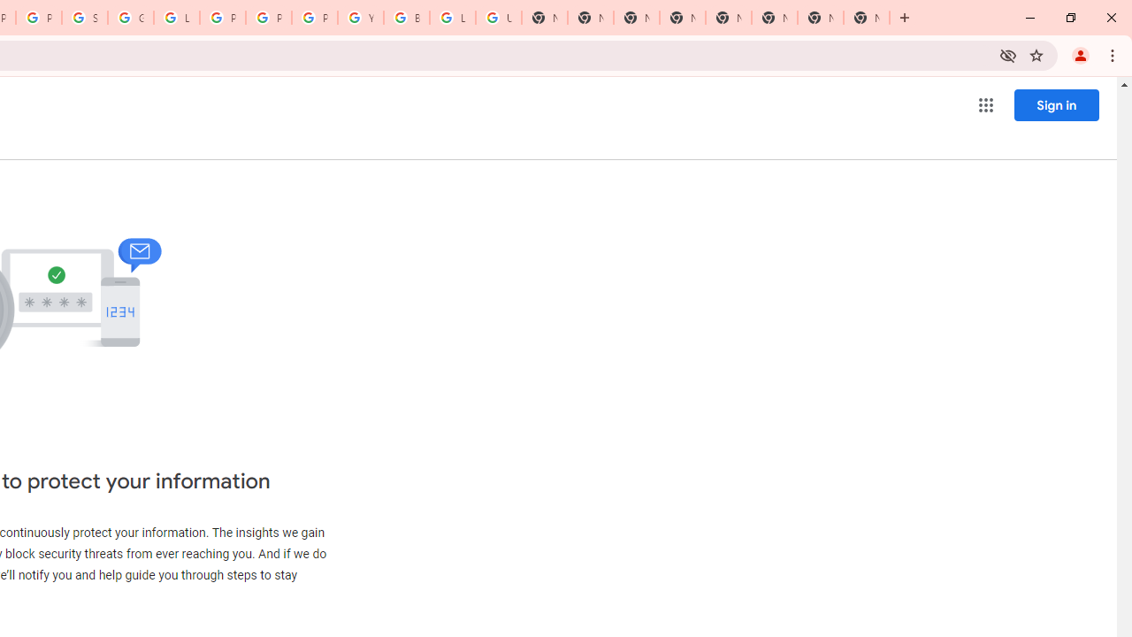  Describe the element at coordinates (84, 18) in the screenshot. I see `'Sign in - Google Accounts'` at that location.